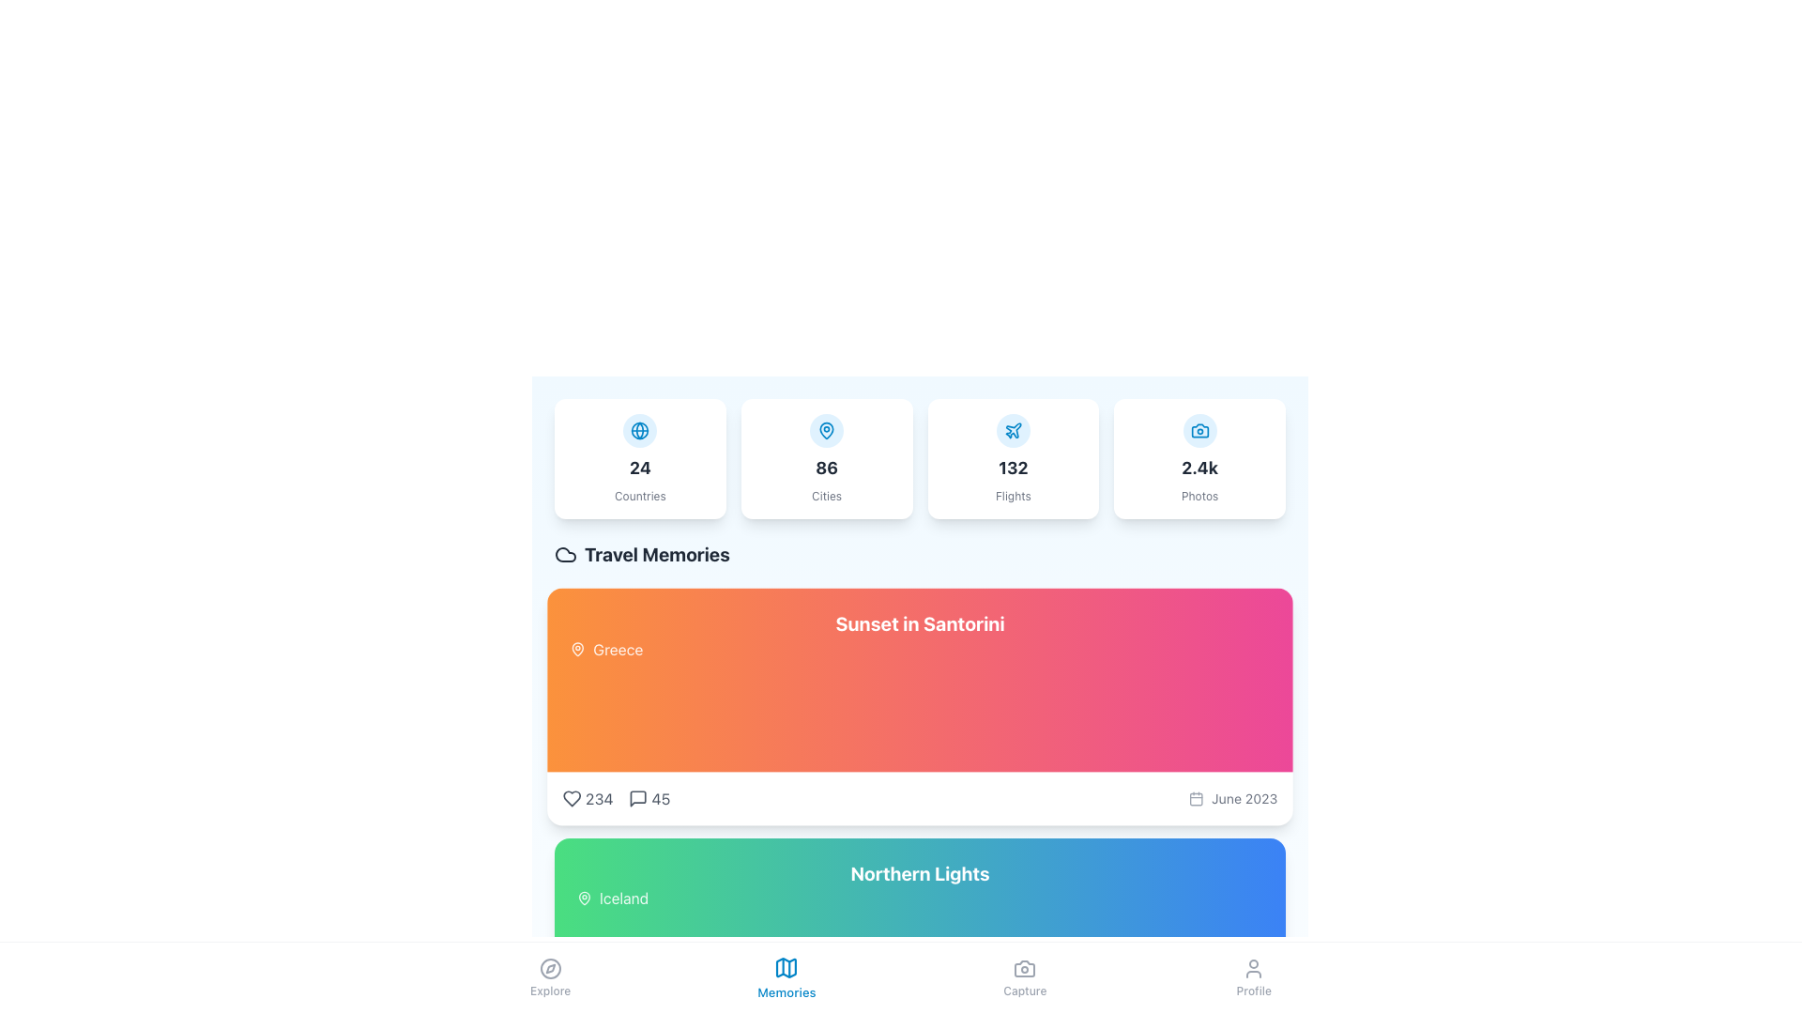 Image resolution: width=1802 pixels, height=1014 pixels. What do you see at coordinates (920, 459) in the screenshot?
I see `the informational card displaying the count of 132 flights, which is centrally positioned in the grid layout and is the third card in a row of four` at bounding box center [920, 459].